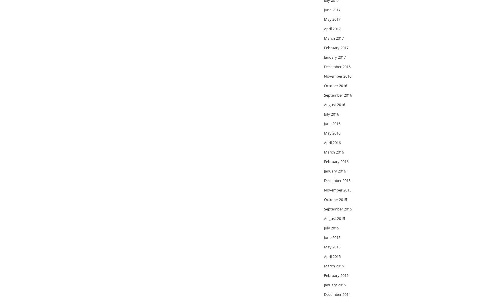  I want to click on 'May 2016', so click(332, 133).